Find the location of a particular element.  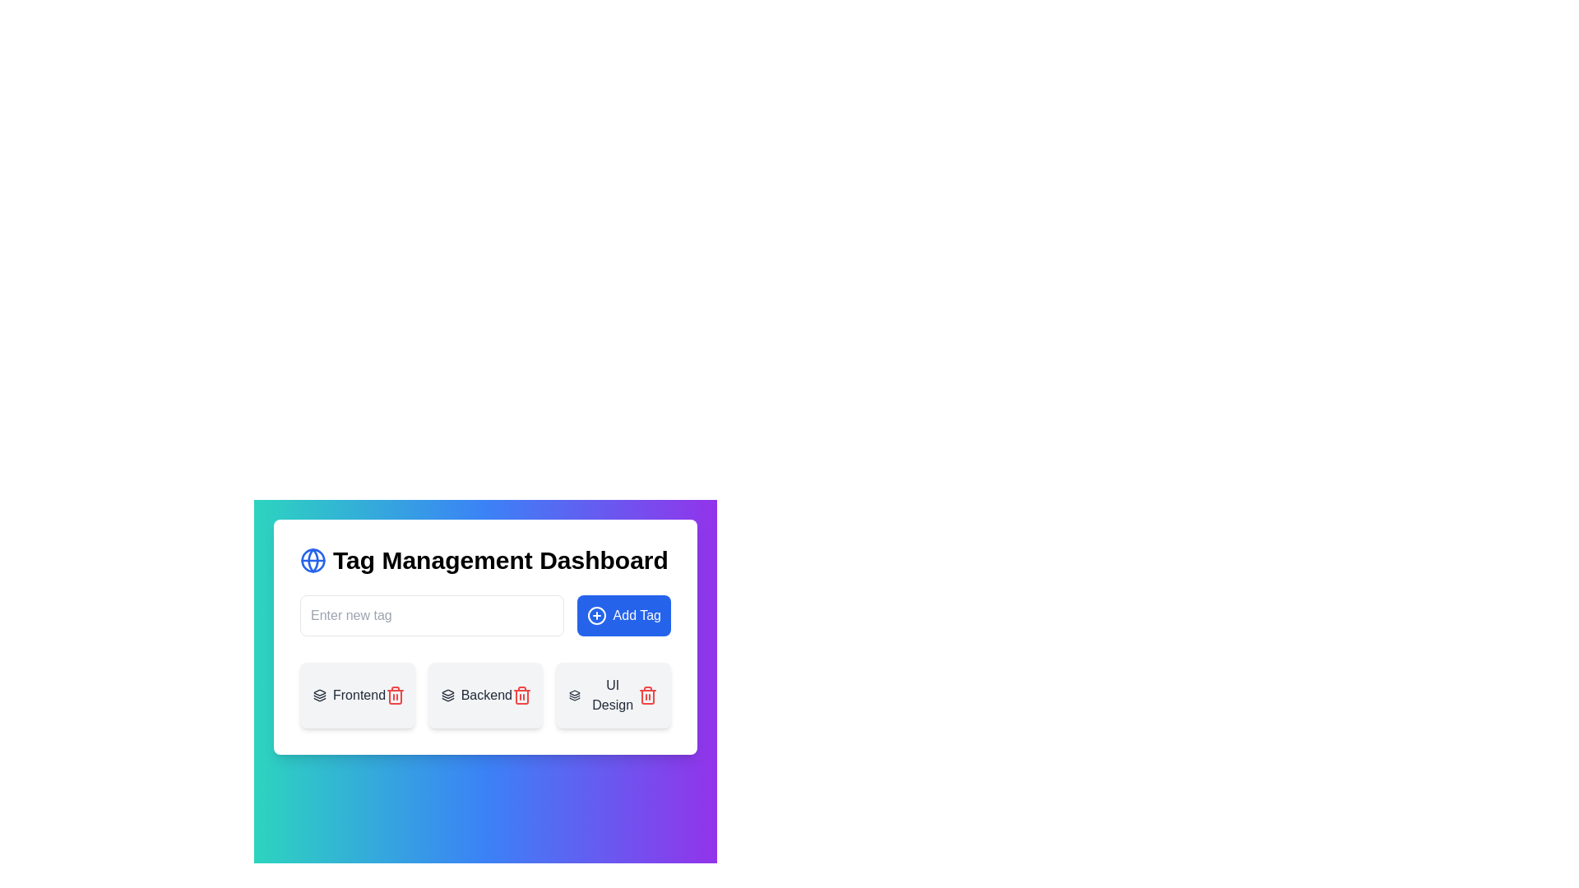

the 'Frontend' tag representation, which includes an icon of layered squares and the label in bold text is located at coordinates (349, 695).